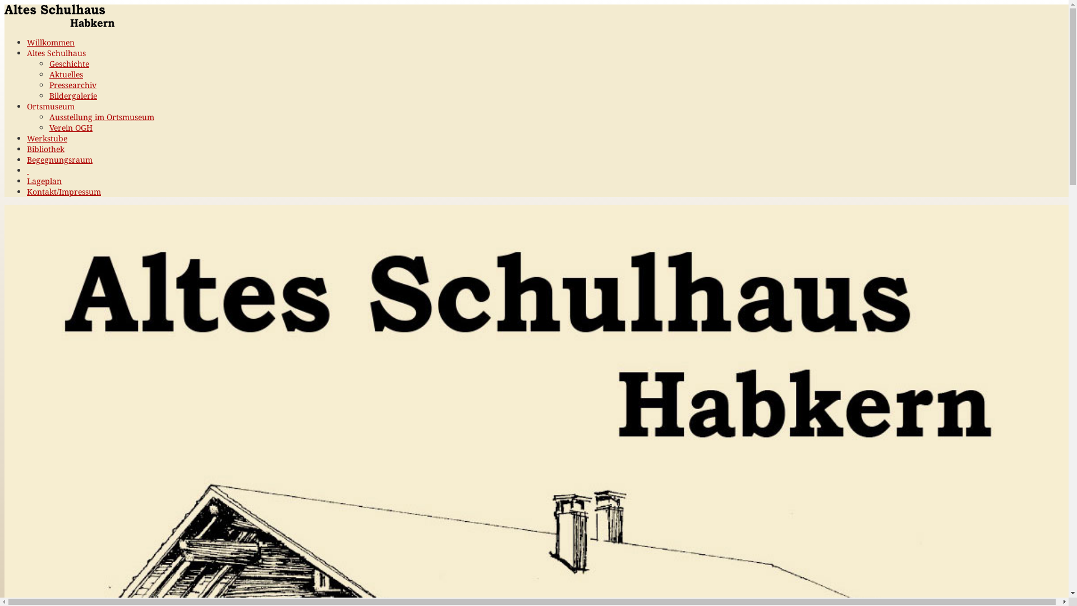  Describe the element at coordinates (66, 74) in the screenshot. I see `'Aktuelles'` at that location.